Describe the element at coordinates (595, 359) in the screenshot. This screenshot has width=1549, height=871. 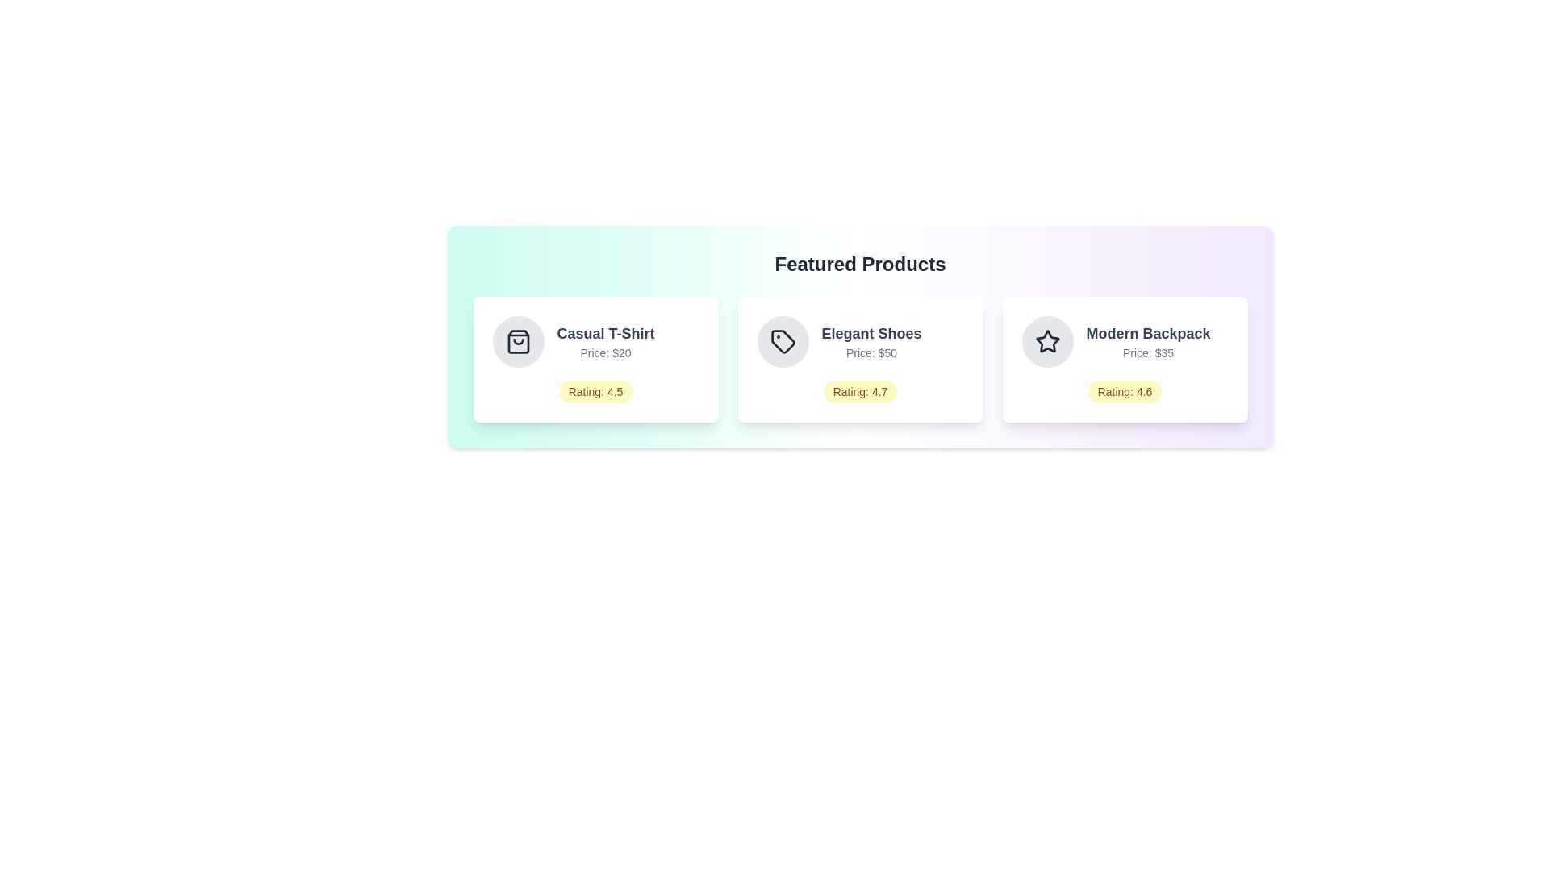
I see `the product card for Casual T-Shirt` at that location.